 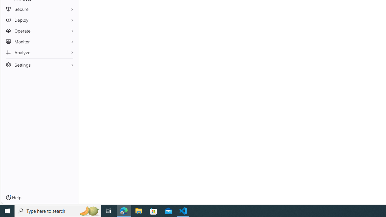 What do you see at coordinates (39, 52) in the screenshot?
I see `'Analyze'` at bounding box center [39, 52].